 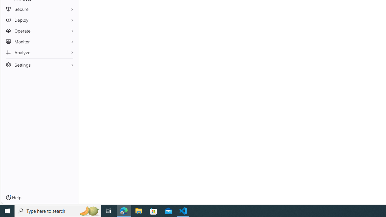 What do you see at coordinates (39, 52) in the screenshot?
I see `'Analyze'` at bounding box center [39, 52].